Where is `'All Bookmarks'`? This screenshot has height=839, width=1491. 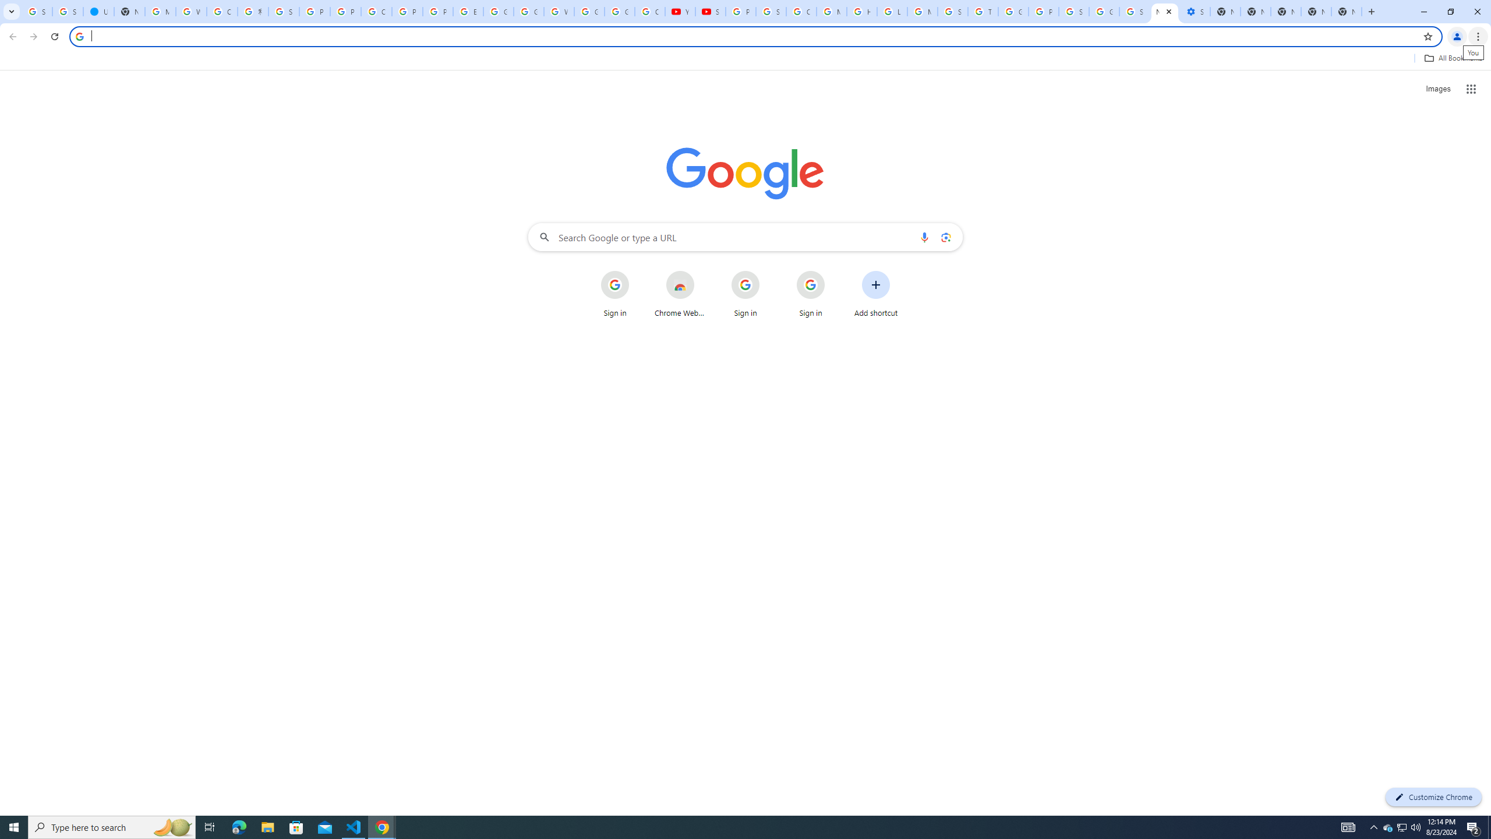 'All Bookmarks' is located at coordinates (1453, 58).